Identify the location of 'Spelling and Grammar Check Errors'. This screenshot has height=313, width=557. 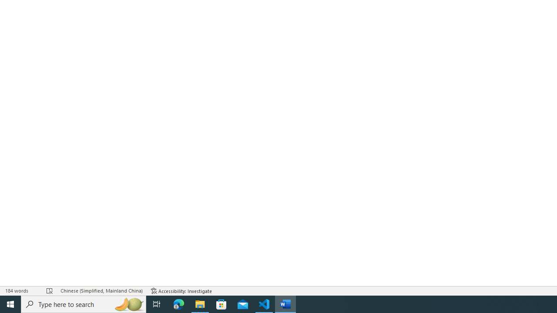
(49, 291).